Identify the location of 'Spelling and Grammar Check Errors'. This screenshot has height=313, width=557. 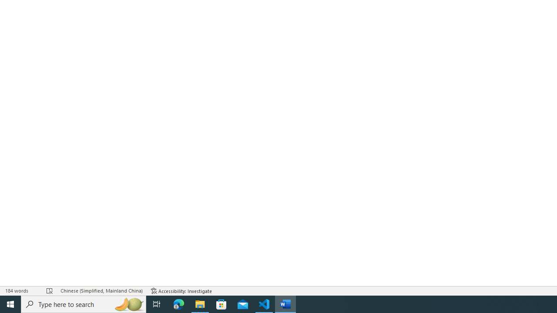
(49, 291).